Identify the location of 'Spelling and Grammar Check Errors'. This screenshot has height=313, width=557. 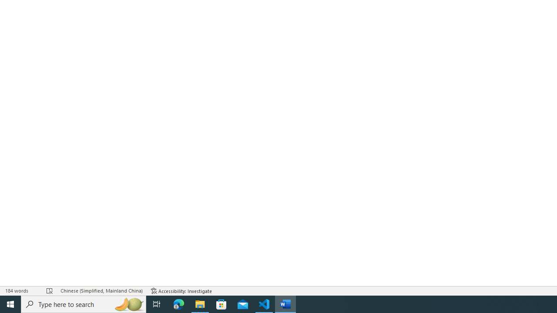
(49, 291).